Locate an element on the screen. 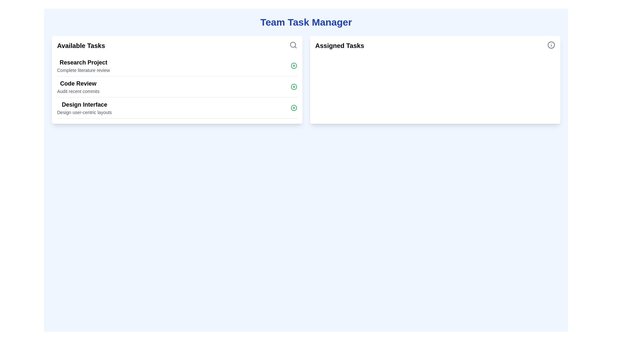 The height and width of the screenshot is (350, 623). the circular icon with an inner symbol located in the top-right section of the 'Available Tasks' card, which indicates the presence of an operation such as creating a new task is located at coordinates (293, 66).